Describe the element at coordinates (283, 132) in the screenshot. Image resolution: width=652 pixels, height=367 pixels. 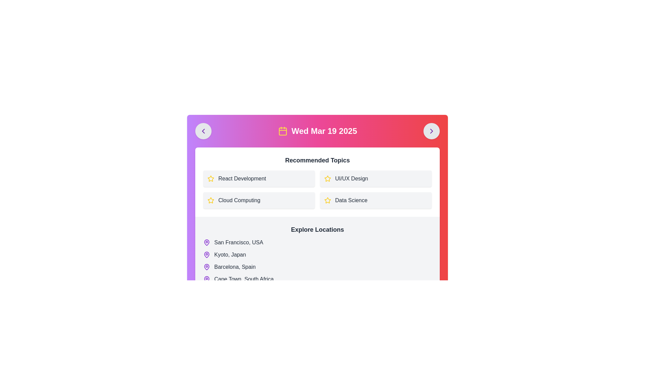
I see `the Decorative SVG rectangle with a yellow background that is located within the calendar icon at the top-center of the interface` at that location.